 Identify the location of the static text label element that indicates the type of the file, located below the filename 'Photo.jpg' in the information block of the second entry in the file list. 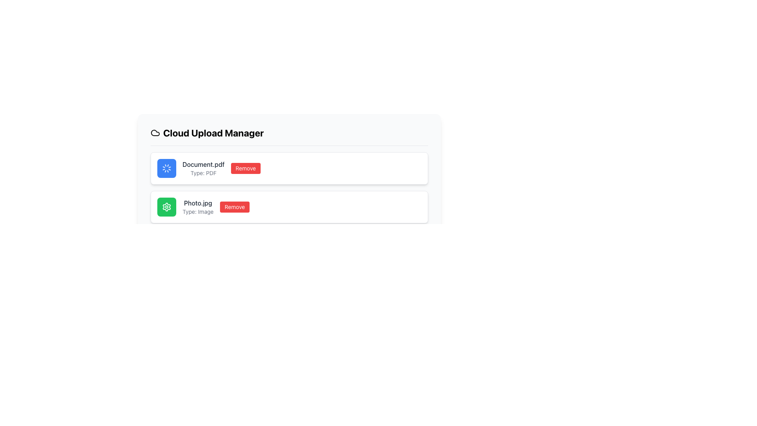
(198, 211).